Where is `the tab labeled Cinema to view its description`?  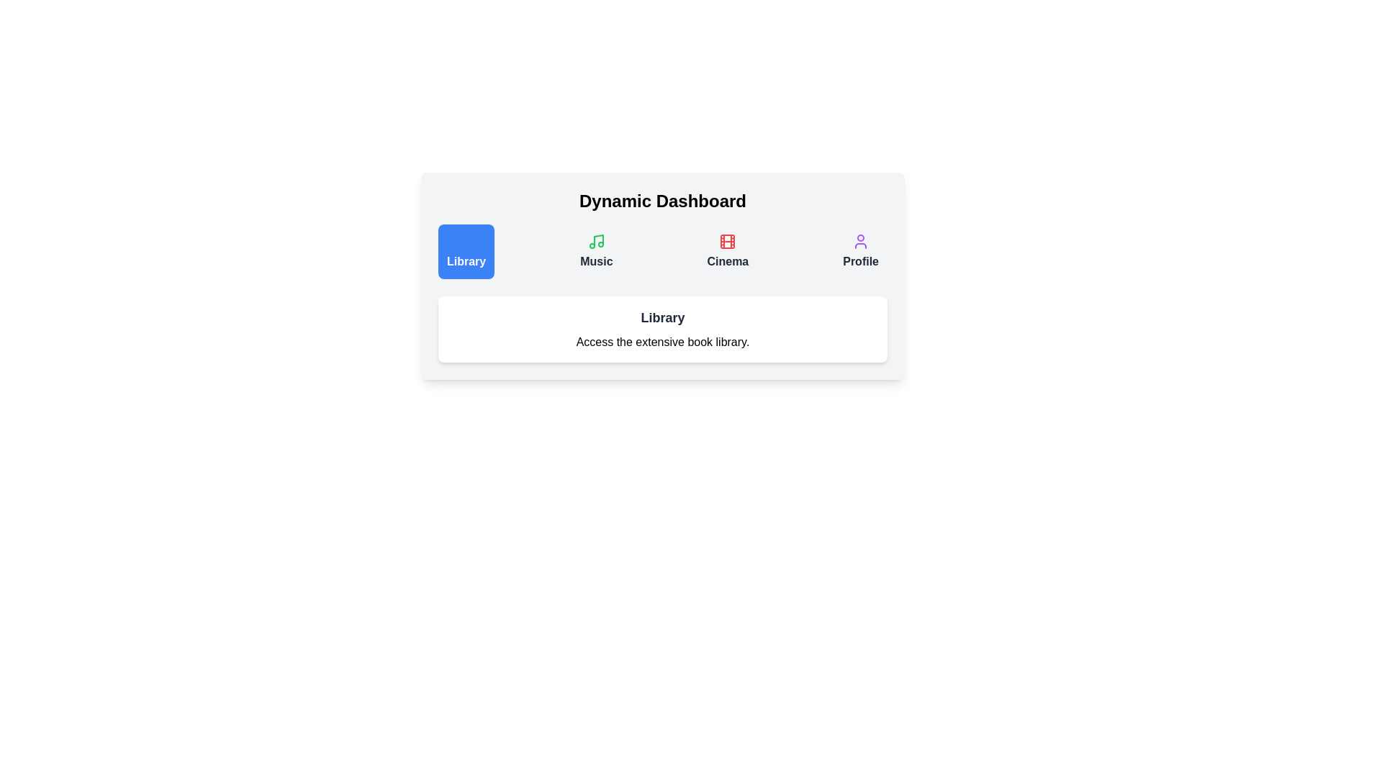
the tab labeled Cinema to view its description is located at coordinates (728, 251).